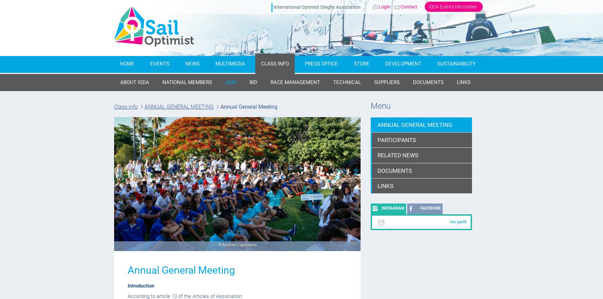 This screenshot has height=299, width=603. Describe the element at coordinates (159, 63) in the screenshot. I see `'Events'` at that location.